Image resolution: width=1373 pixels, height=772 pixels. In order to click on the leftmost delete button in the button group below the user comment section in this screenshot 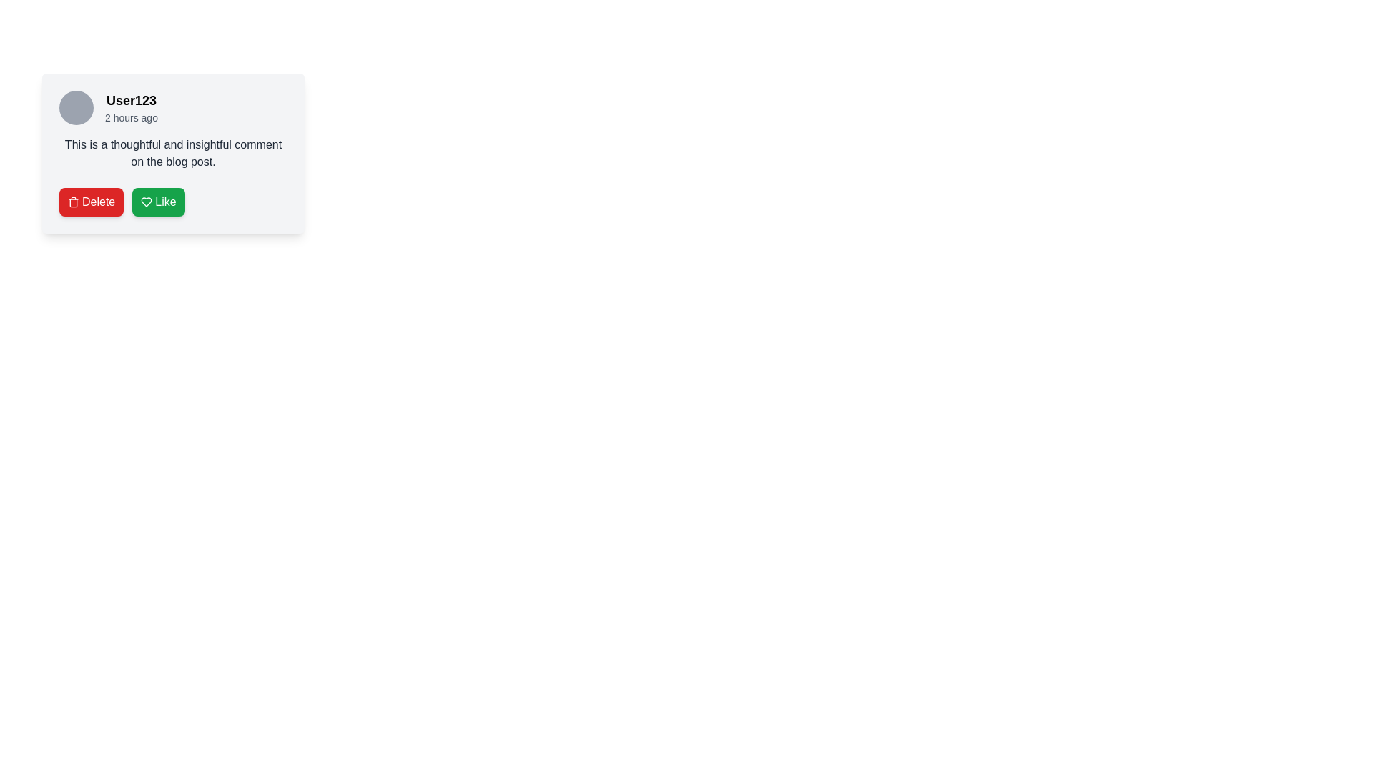, I will do `click(91, 202)`.